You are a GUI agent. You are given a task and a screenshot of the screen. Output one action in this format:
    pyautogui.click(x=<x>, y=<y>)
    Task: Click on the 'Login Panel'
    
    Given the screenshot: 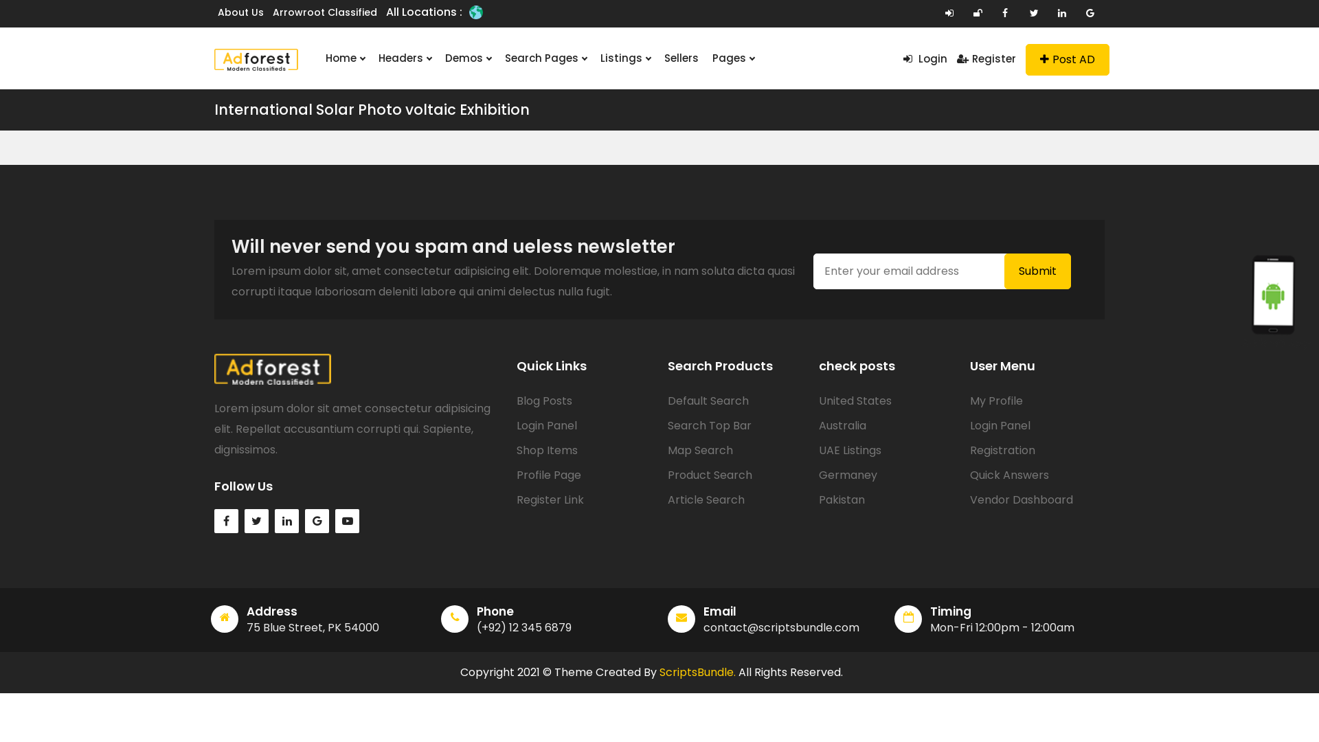 What is the action you would take?
    pyautogui.click(x=1000, y=425)
    